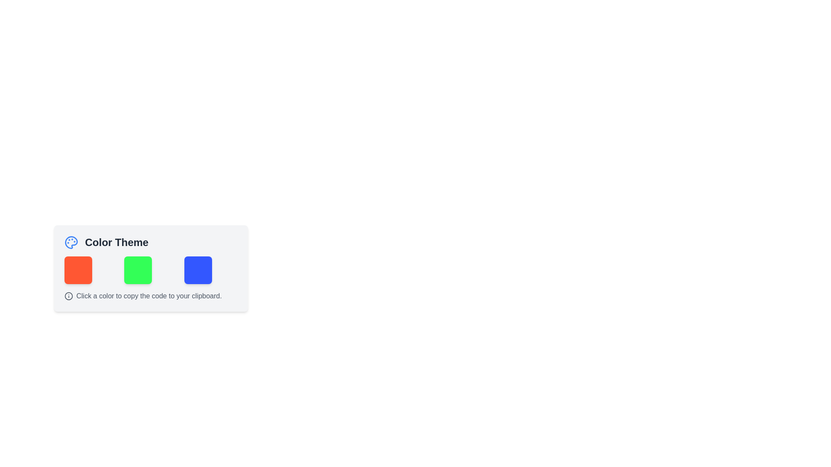 This screenshot has width=831, height=467. I want to click on the curved palette-shaped icon with a blue hue located in the top left of the 'Color Theme' card, so click(71, 242).